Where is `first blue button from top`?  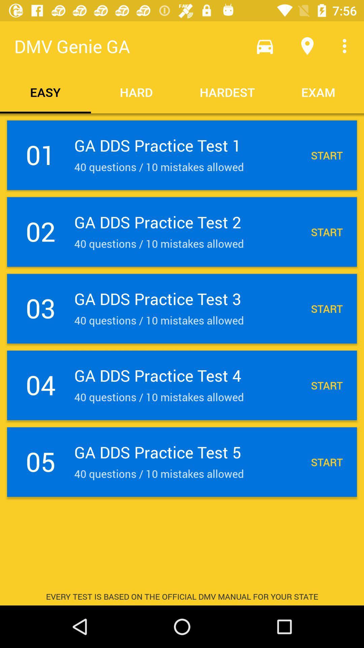
first blue button from top is located at coordinates (182, 155).